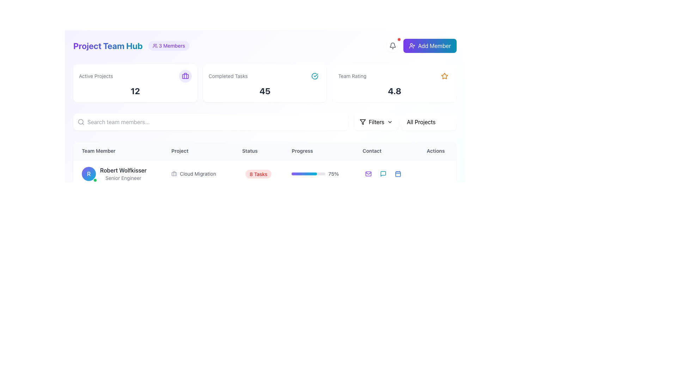 This screenshot has width=677, height=381. What do you see at coordinates (368, 174) in the screenshot?
I see `the rectangular shape with rounded corners that is part of the mail envelope icon located in the 'Contact' column of the user interface` at bounding box center [368, 174].